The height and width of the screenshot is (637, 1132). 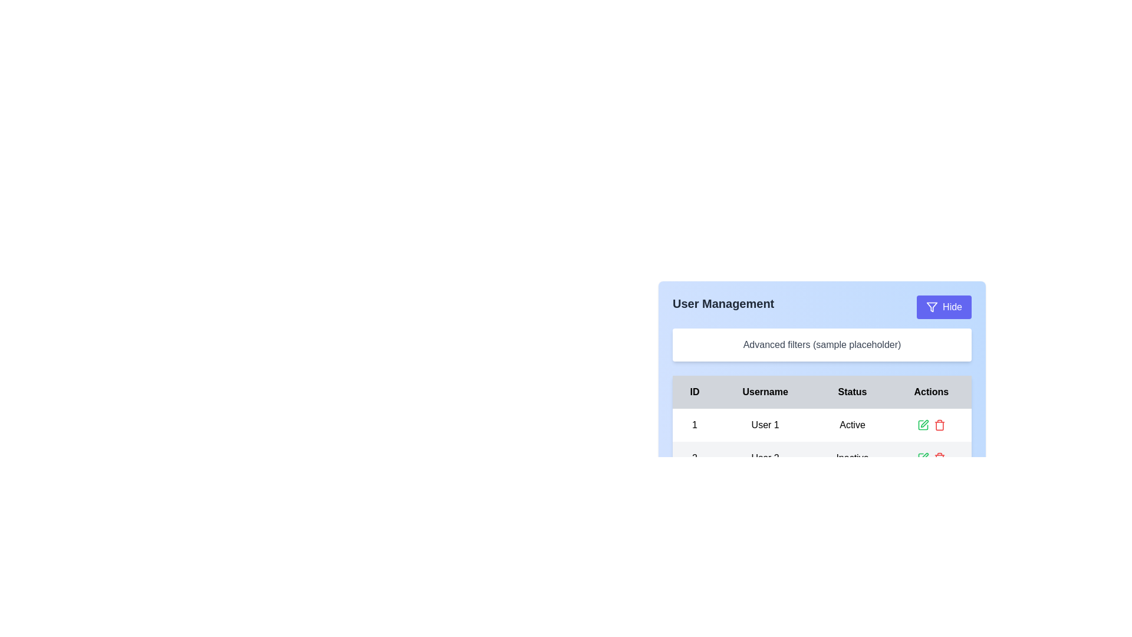 What do you see at coordinates (695, 425) in the screenshot?
I see `the numeral '1' displayed in the first cell of the user information table, which is part of a data table with a dark font on a white background` at bounding box center [695, 425].